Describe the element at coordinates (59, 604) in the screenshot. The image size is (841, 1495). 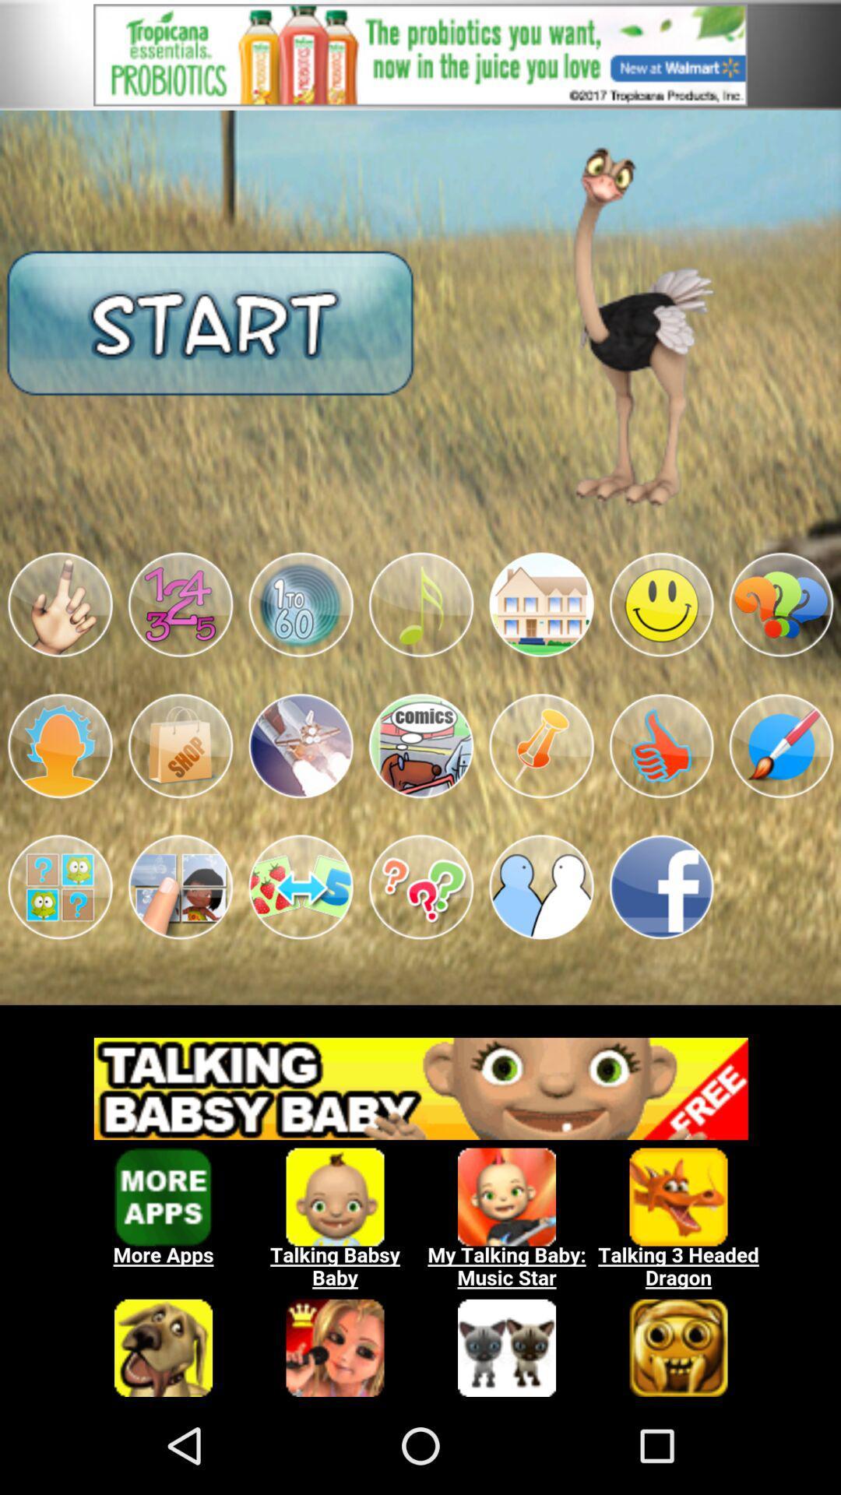
I see `the emojies option` at that location.